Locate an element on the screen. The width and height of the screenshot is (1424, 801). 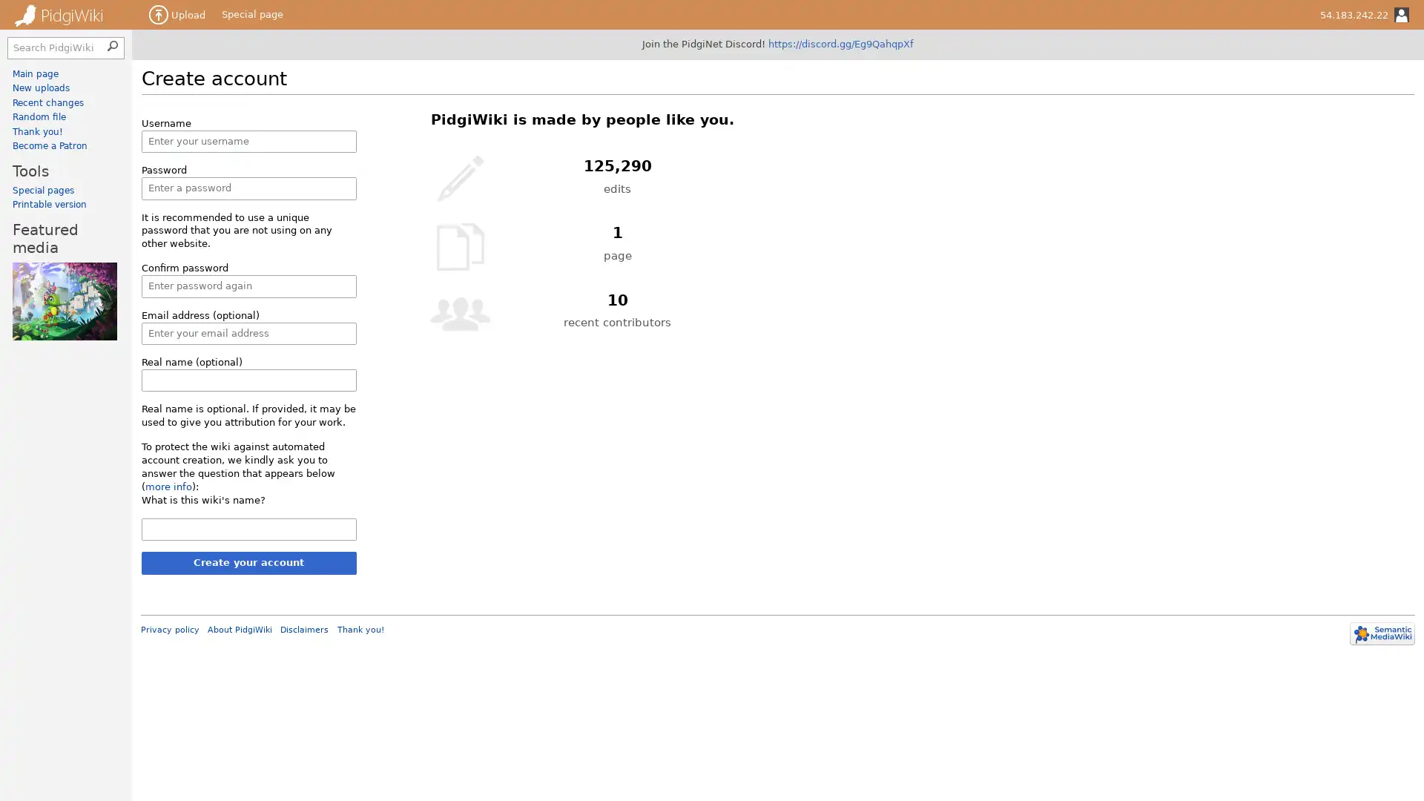
Create your account is located at coordinates (248, 563).